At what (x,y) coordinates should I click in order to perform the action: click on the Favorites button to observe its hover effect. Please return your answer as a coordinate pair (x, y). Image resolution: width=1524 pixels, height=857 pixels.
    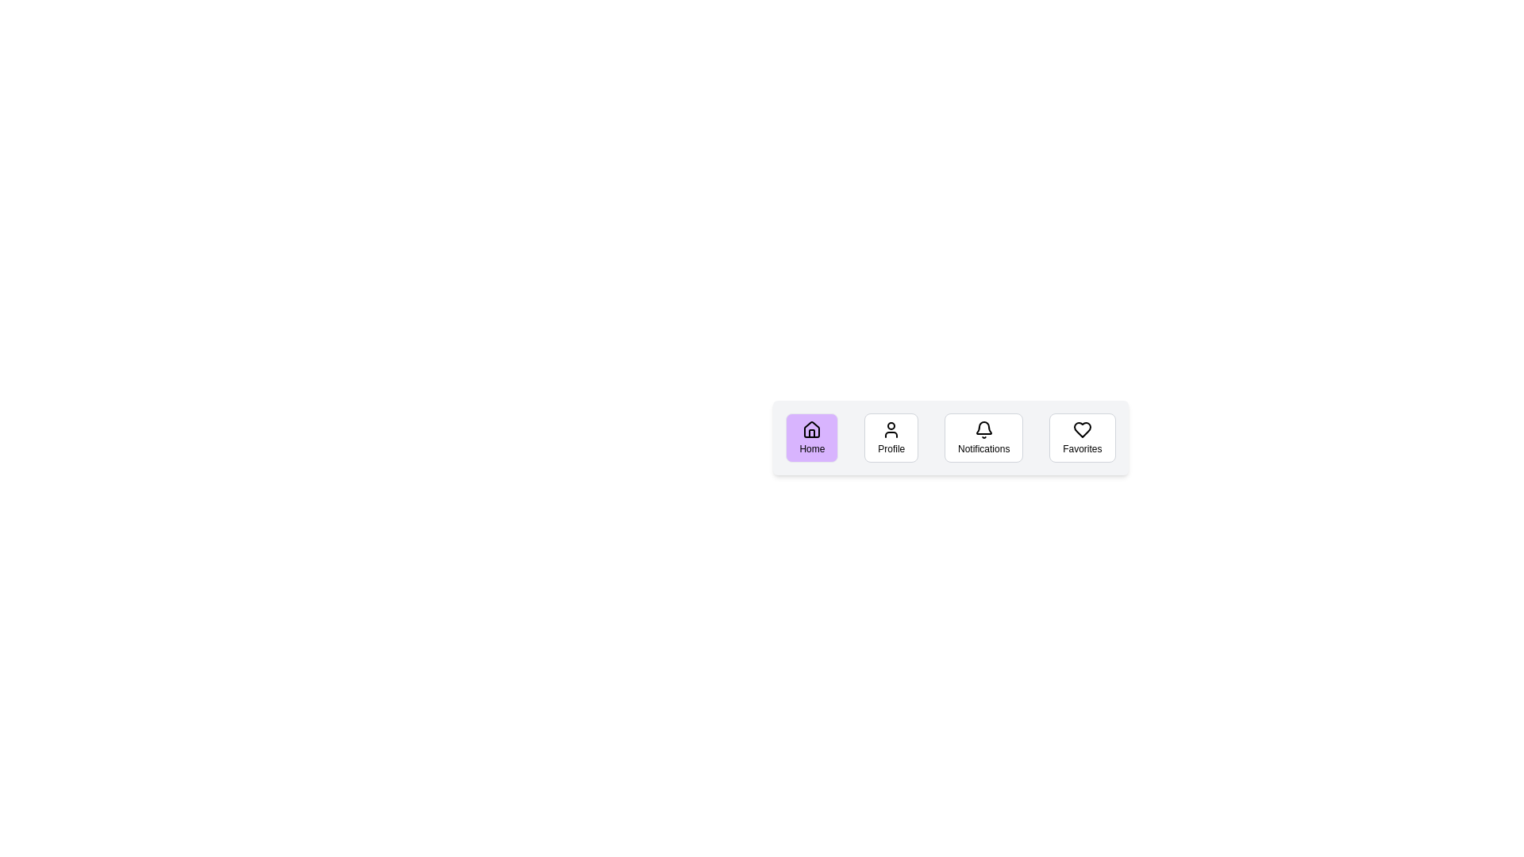
    Looking at the image, I should click on (1081, 437).